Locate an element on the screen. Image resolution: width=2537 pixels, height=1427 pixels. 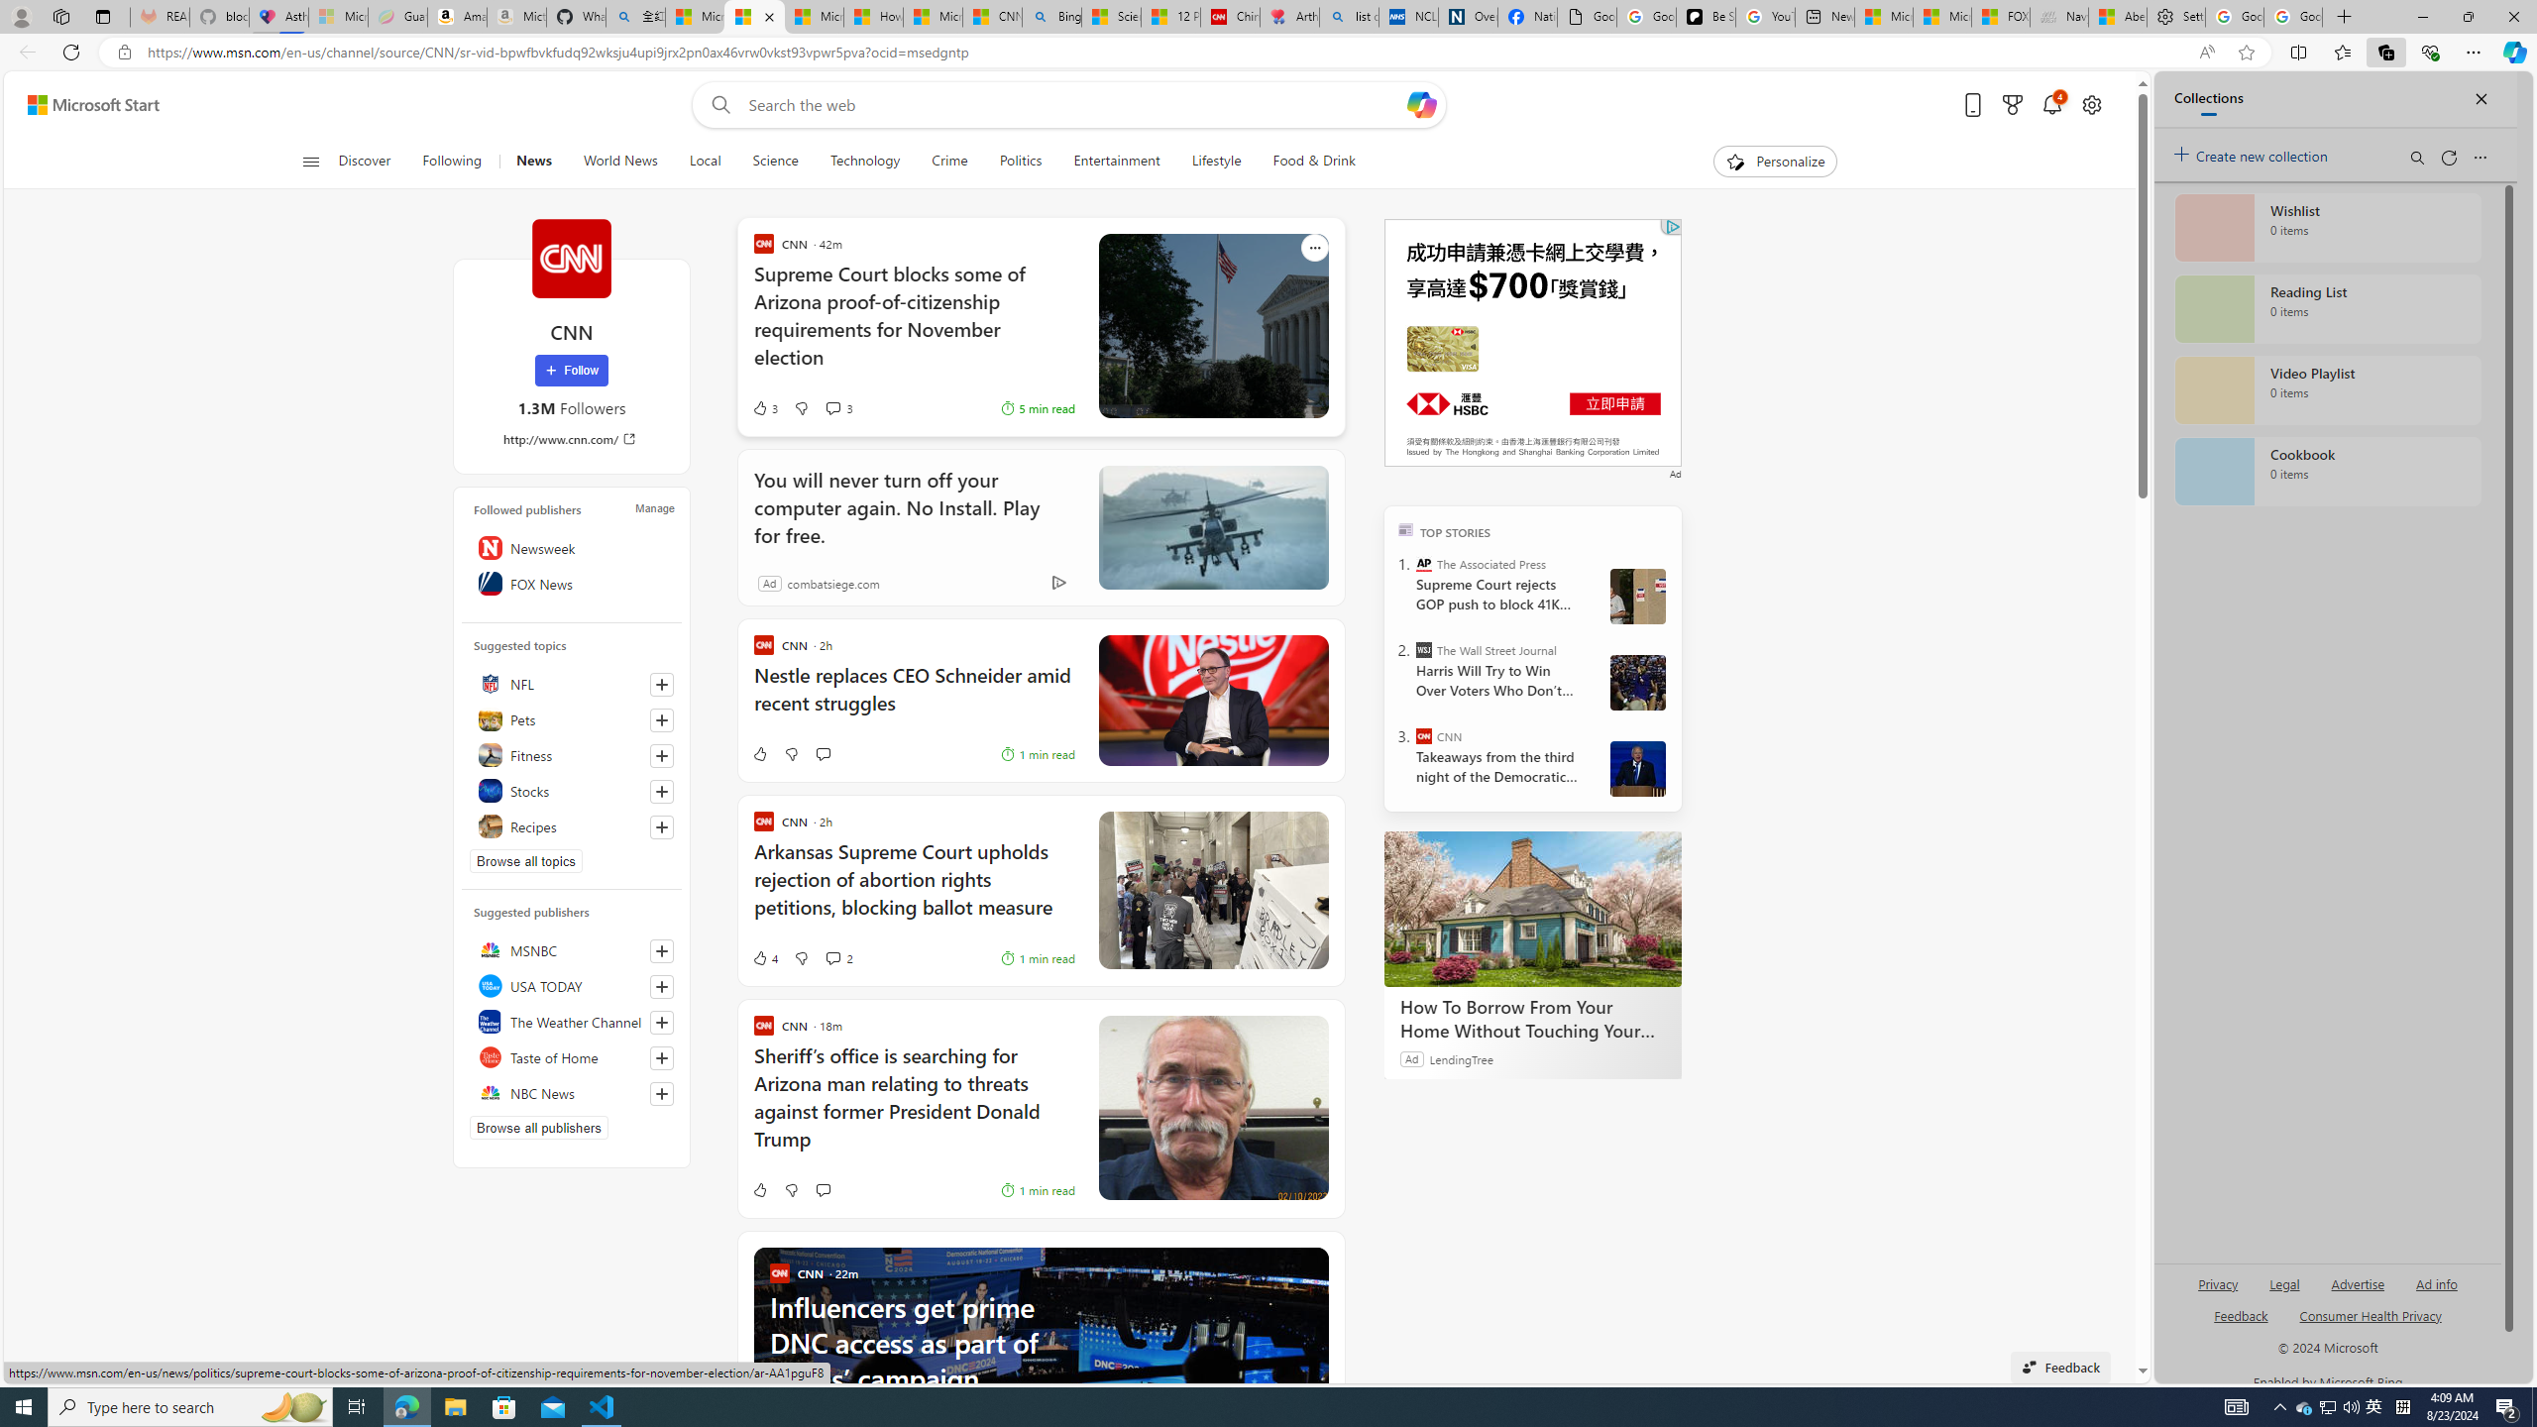
'Like' is located at coordinates (759, 1188).